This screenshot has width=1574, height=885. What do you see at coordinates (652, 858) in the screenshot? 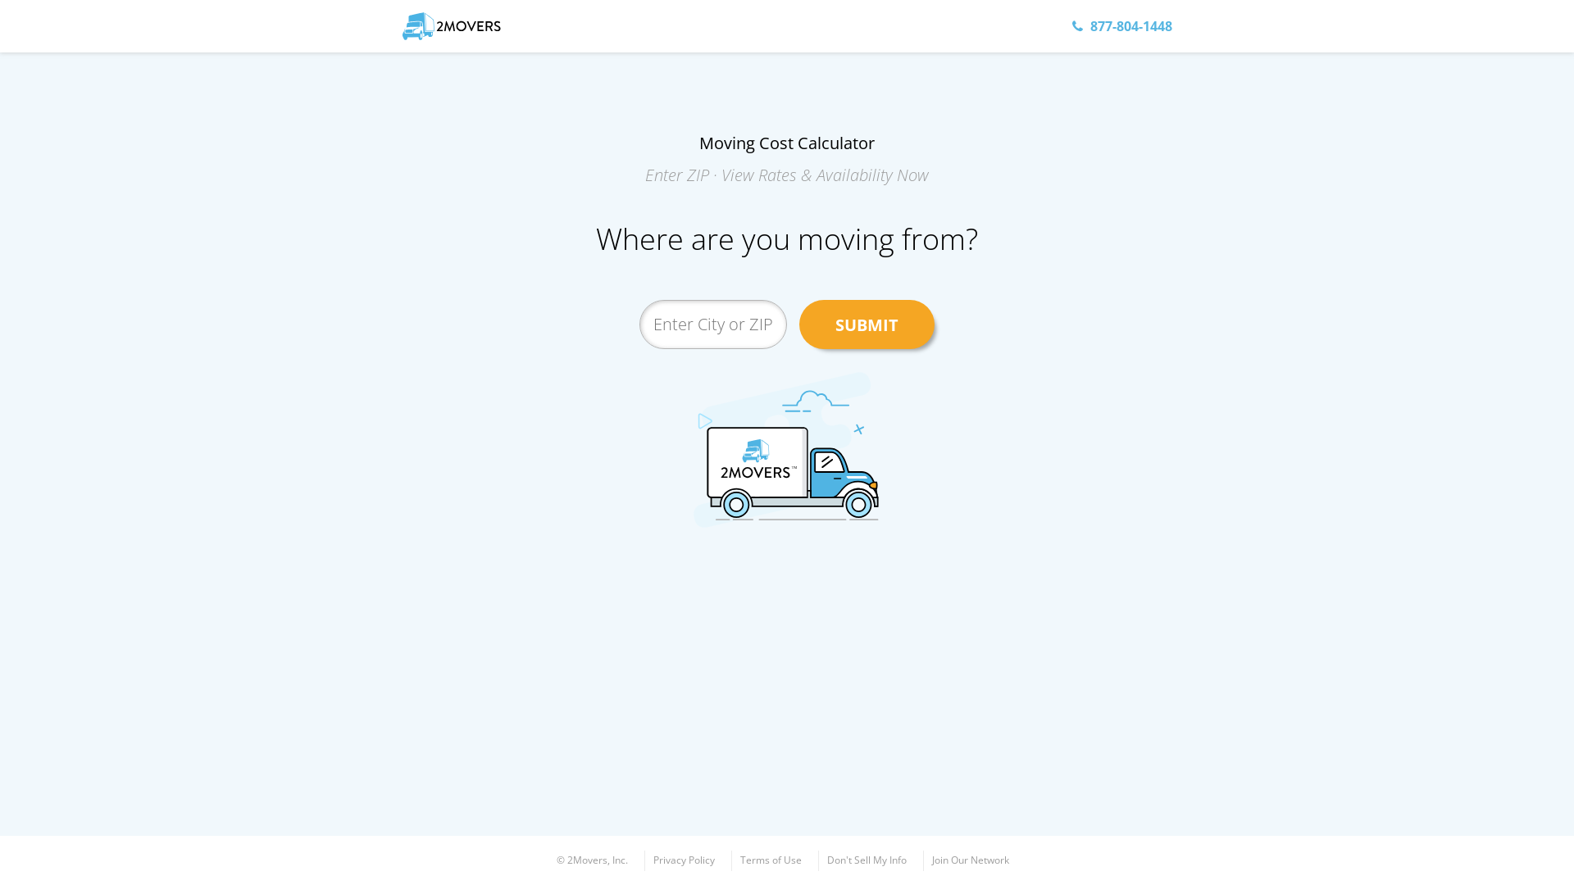
I see `'Privacy Policy'` at bounding box center [652, 858].